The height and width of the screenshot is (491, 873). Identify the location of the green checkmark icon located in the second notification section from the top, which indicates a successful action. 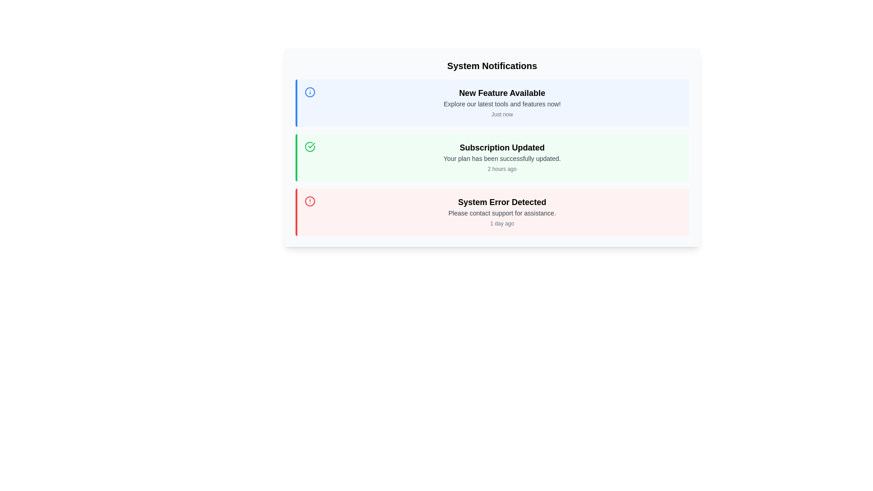
(310, 146).